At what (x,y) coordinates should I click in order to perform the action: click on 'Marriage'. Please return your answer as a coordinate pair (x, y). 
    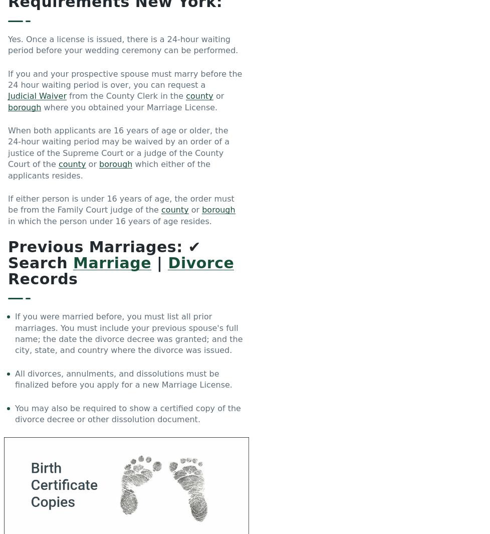
    Looking at the image, I should click on (112, 262).